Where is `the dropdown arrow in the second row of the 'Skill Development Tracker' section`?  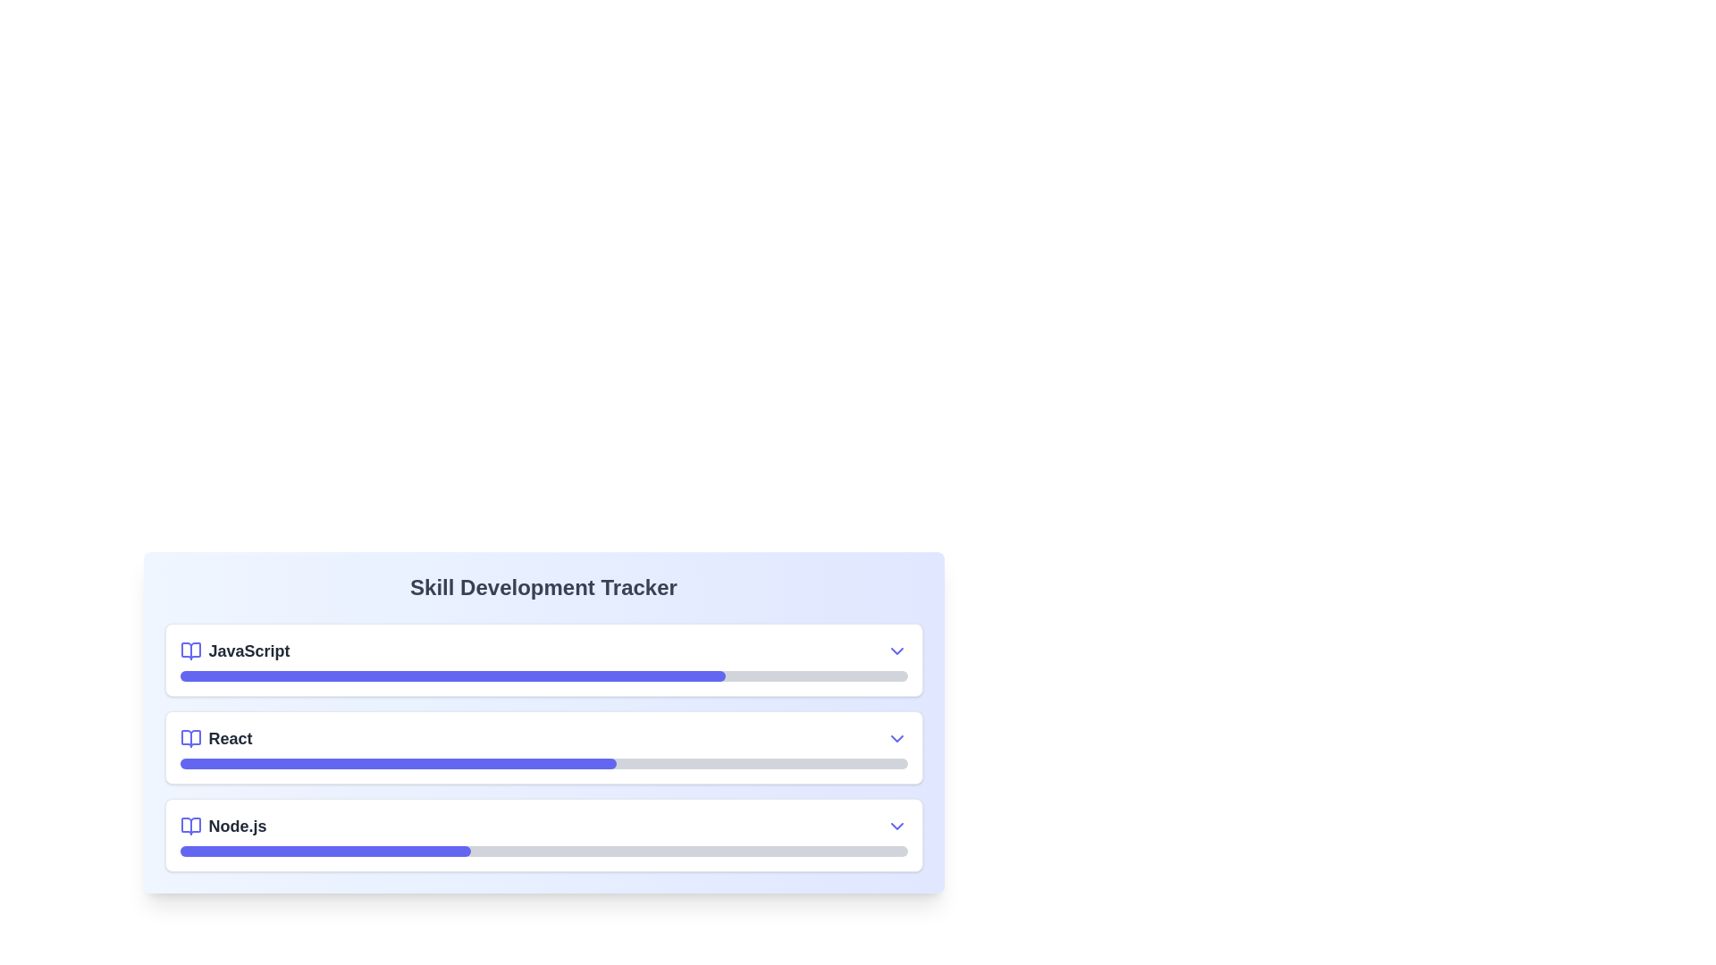
the dropdown arrow in the second row of the 'Skill Development Tracker' section is located at coordinates (543, 738).